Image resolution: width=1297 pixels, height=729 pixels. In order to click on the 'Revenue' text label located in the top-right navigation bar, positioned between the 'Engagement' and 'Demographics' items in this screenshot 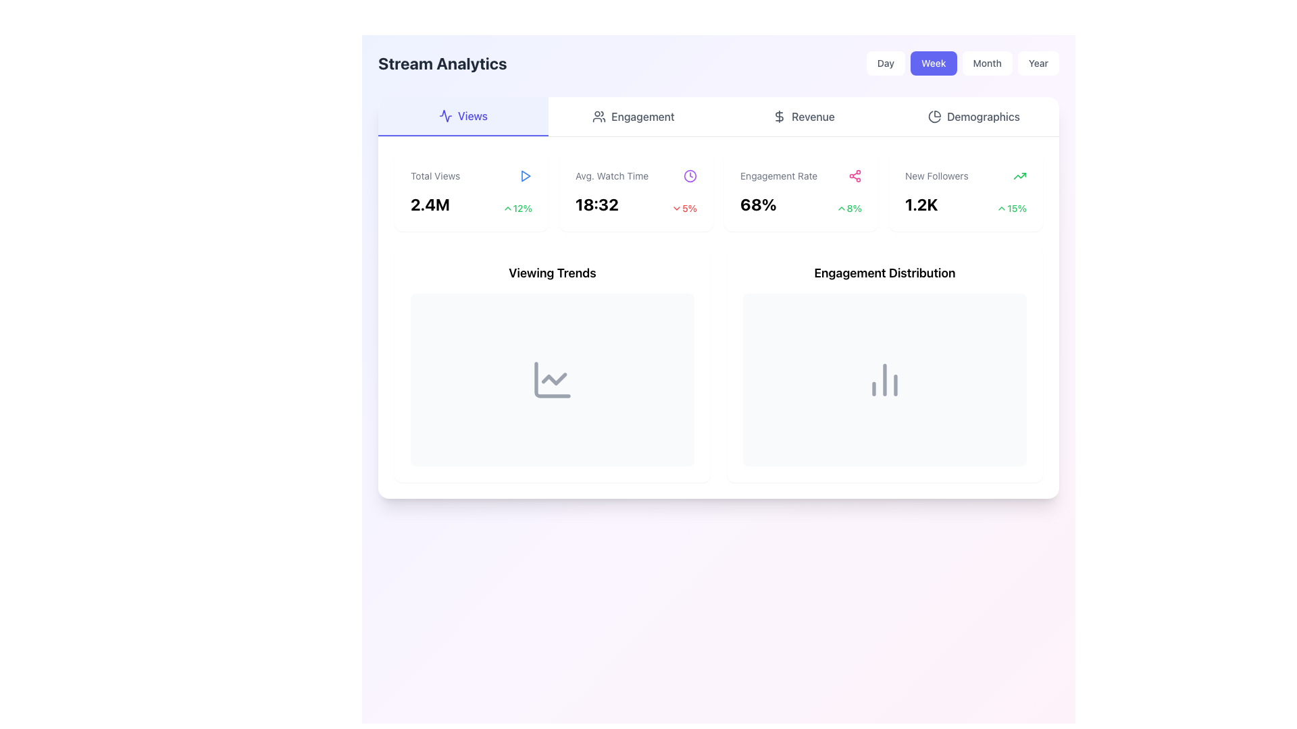, I will do `click(813, 116)`.